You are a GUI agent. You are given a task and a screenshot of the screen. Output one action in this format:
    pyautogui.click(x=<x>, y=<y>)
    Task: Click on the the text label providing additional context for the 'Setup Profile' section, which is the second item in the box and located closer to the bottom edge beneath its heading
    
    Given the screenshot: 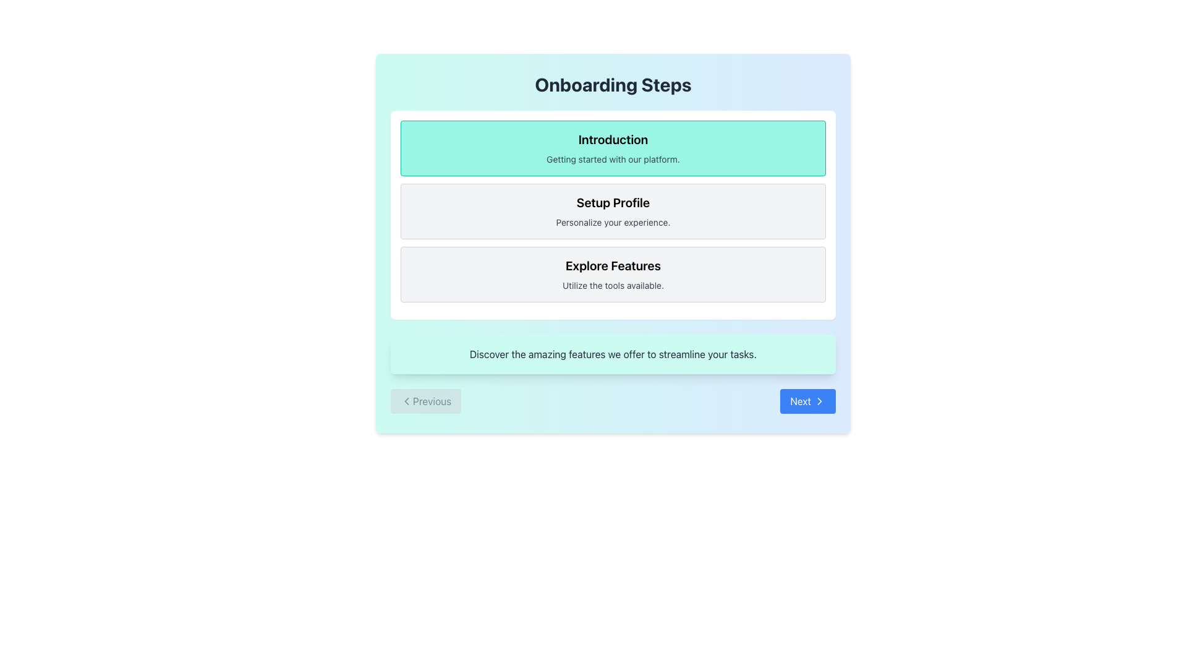 What is the action you would take?
    pyautogui.click(x=613, y=221)
    